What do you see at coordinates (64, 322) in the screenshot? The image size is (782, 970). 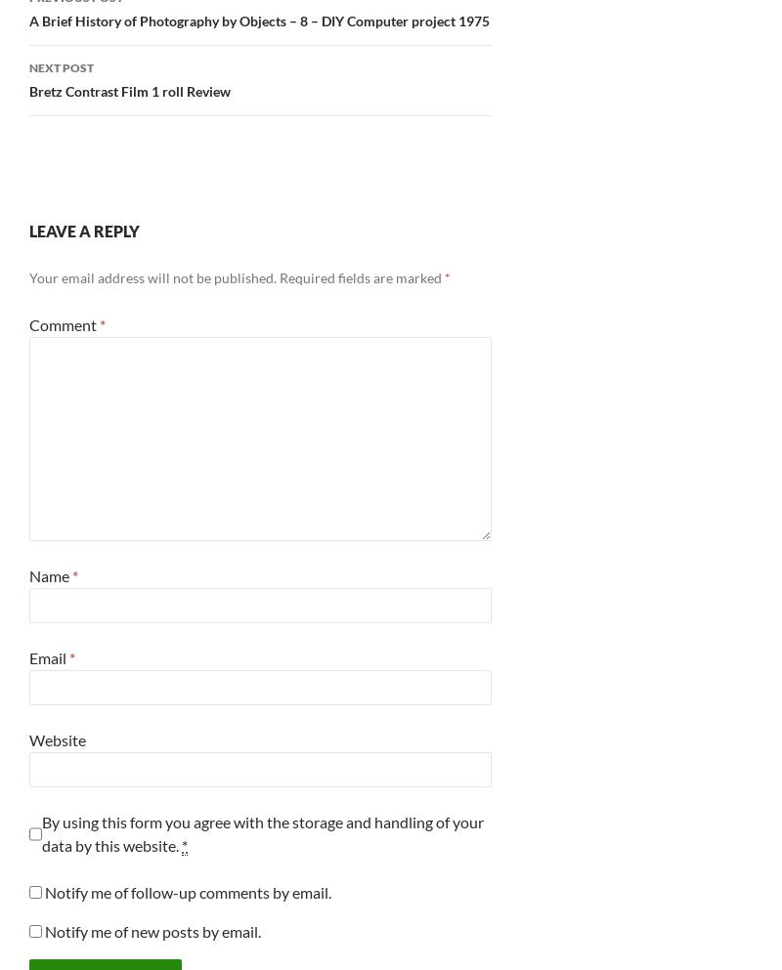 I see `'Comment'` at bounding box center [64, 322].